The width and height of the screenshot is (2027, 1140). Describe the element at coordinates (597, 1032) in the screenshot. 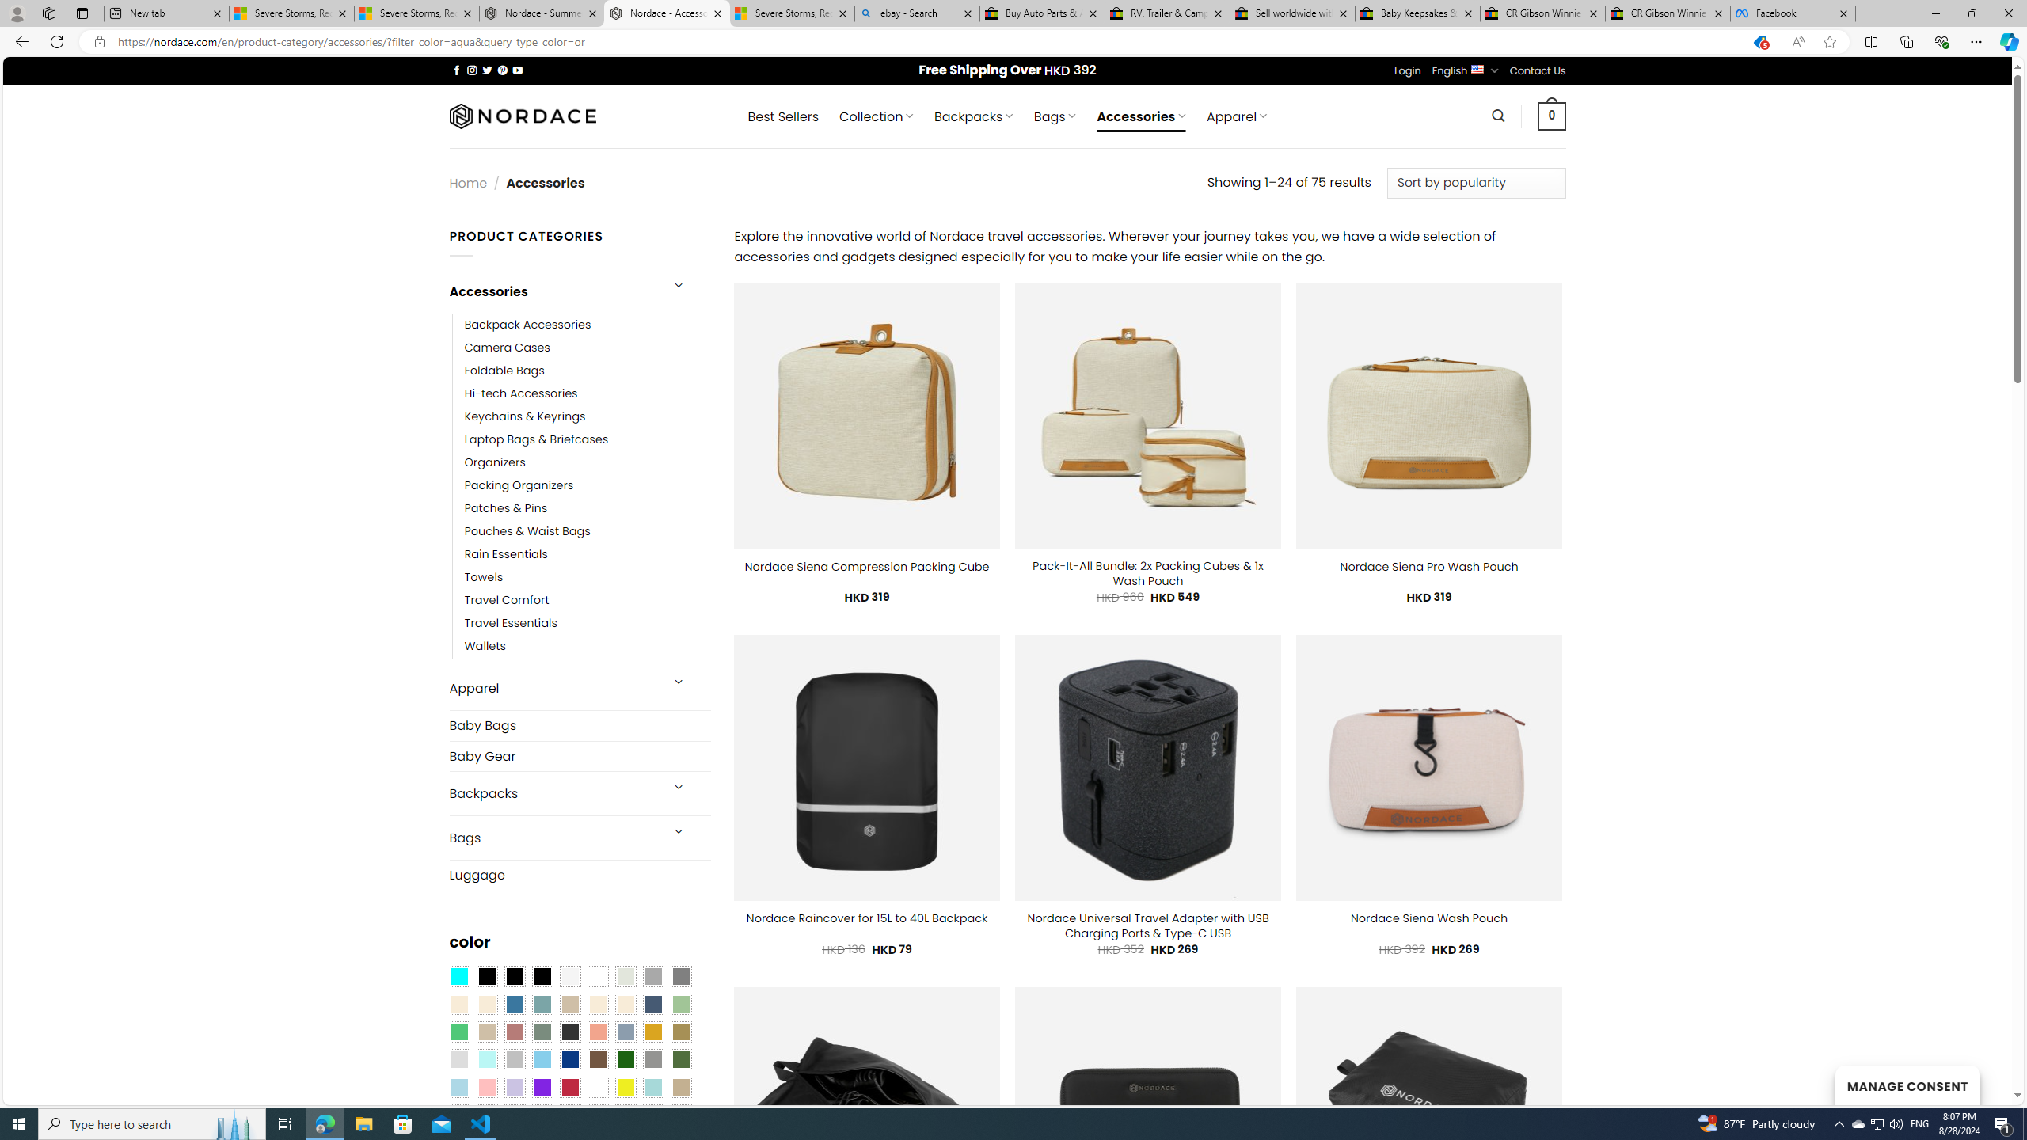

I see `'Coral'` at that location.